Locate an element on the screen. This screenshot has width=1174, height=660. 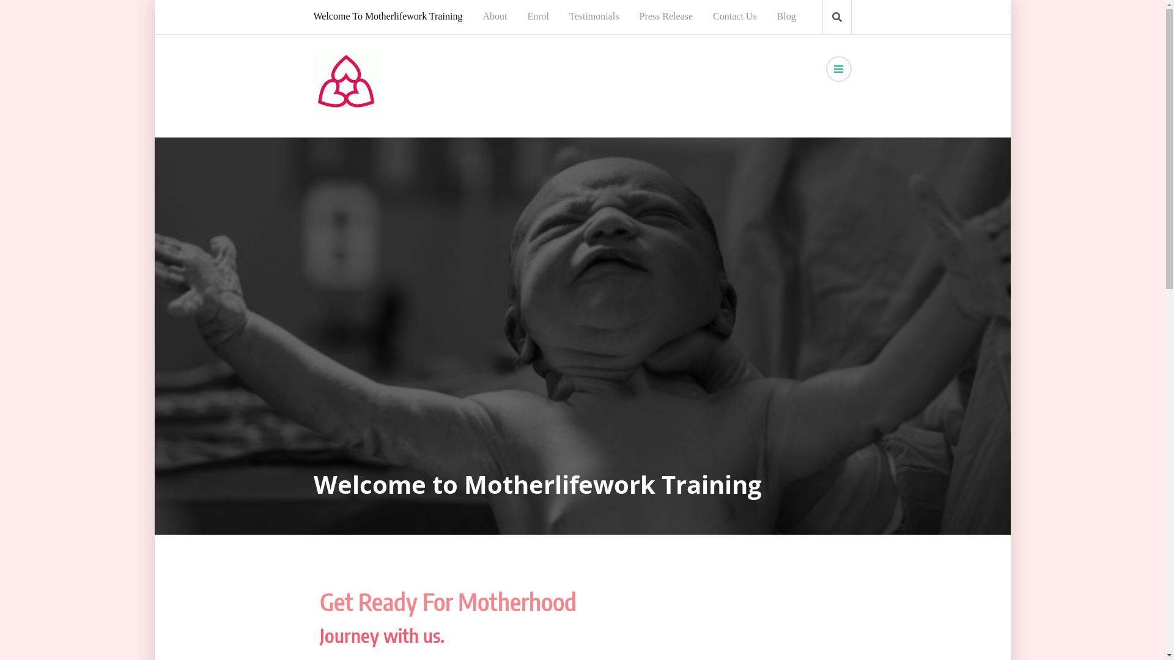
'Enrol' is located at coordinates (519, 16).